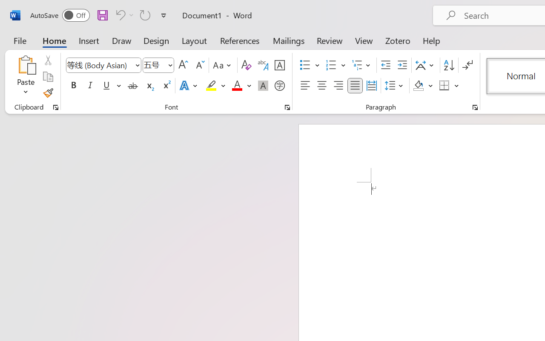 The width and height of the screenshot is (545, 341). I want to click on 'Can', so click(119, 14).